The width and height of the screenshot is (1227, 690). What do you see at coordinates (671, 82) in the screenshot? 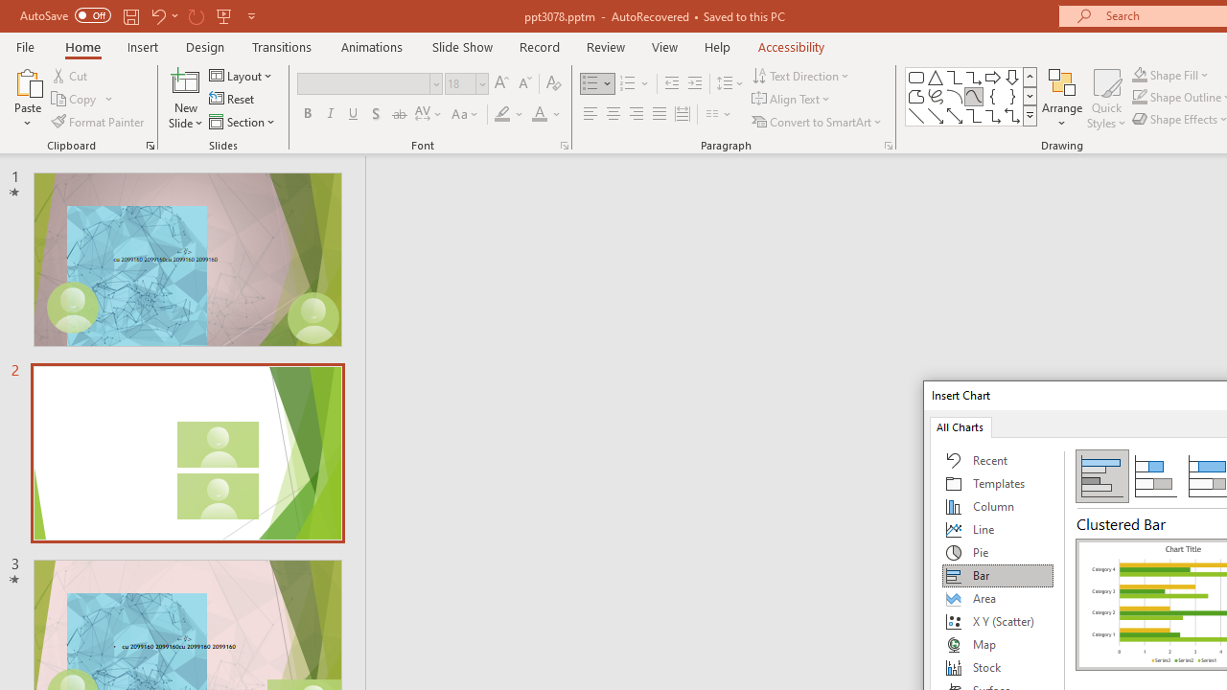
I see `'Decrease Indent'` at bounding box center [671, 82].